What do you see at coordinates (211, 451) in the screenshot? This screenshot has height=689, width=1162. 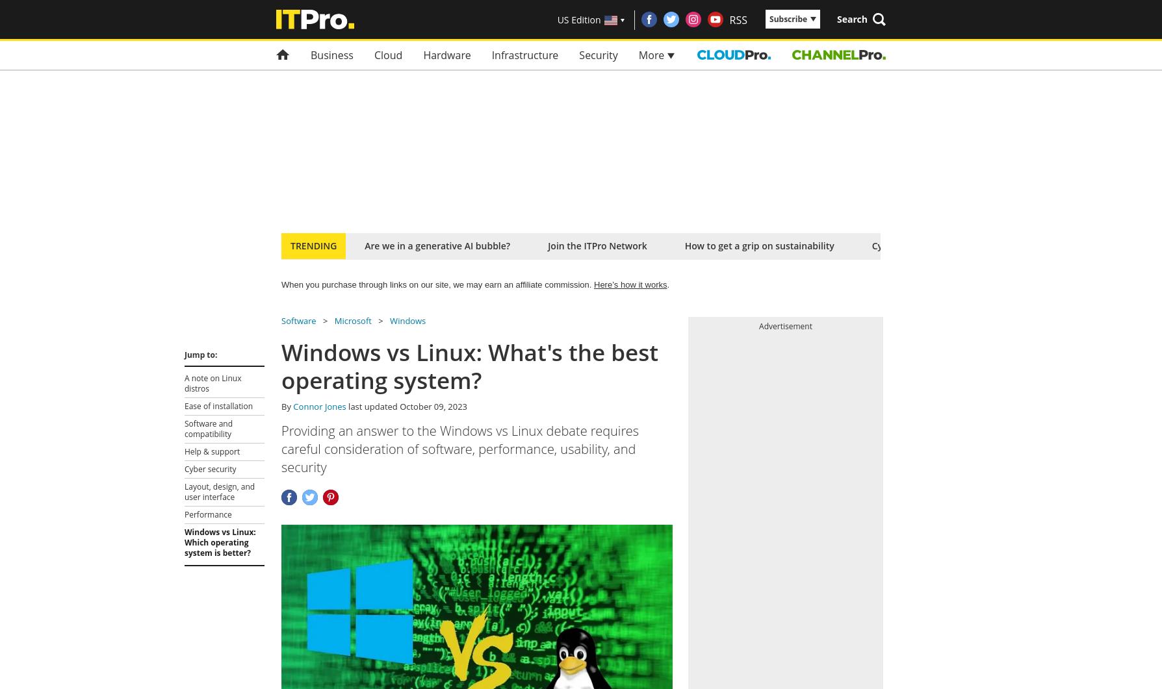 I see `'Help & support'` at bounding box center [211, 451].